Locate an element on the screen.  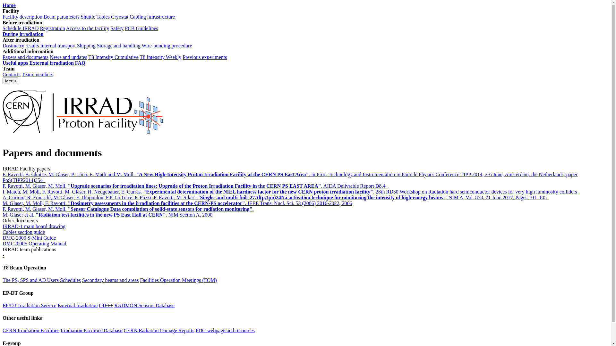
'EP/DT Irradiation Service' is located at coordinates (29, 305).